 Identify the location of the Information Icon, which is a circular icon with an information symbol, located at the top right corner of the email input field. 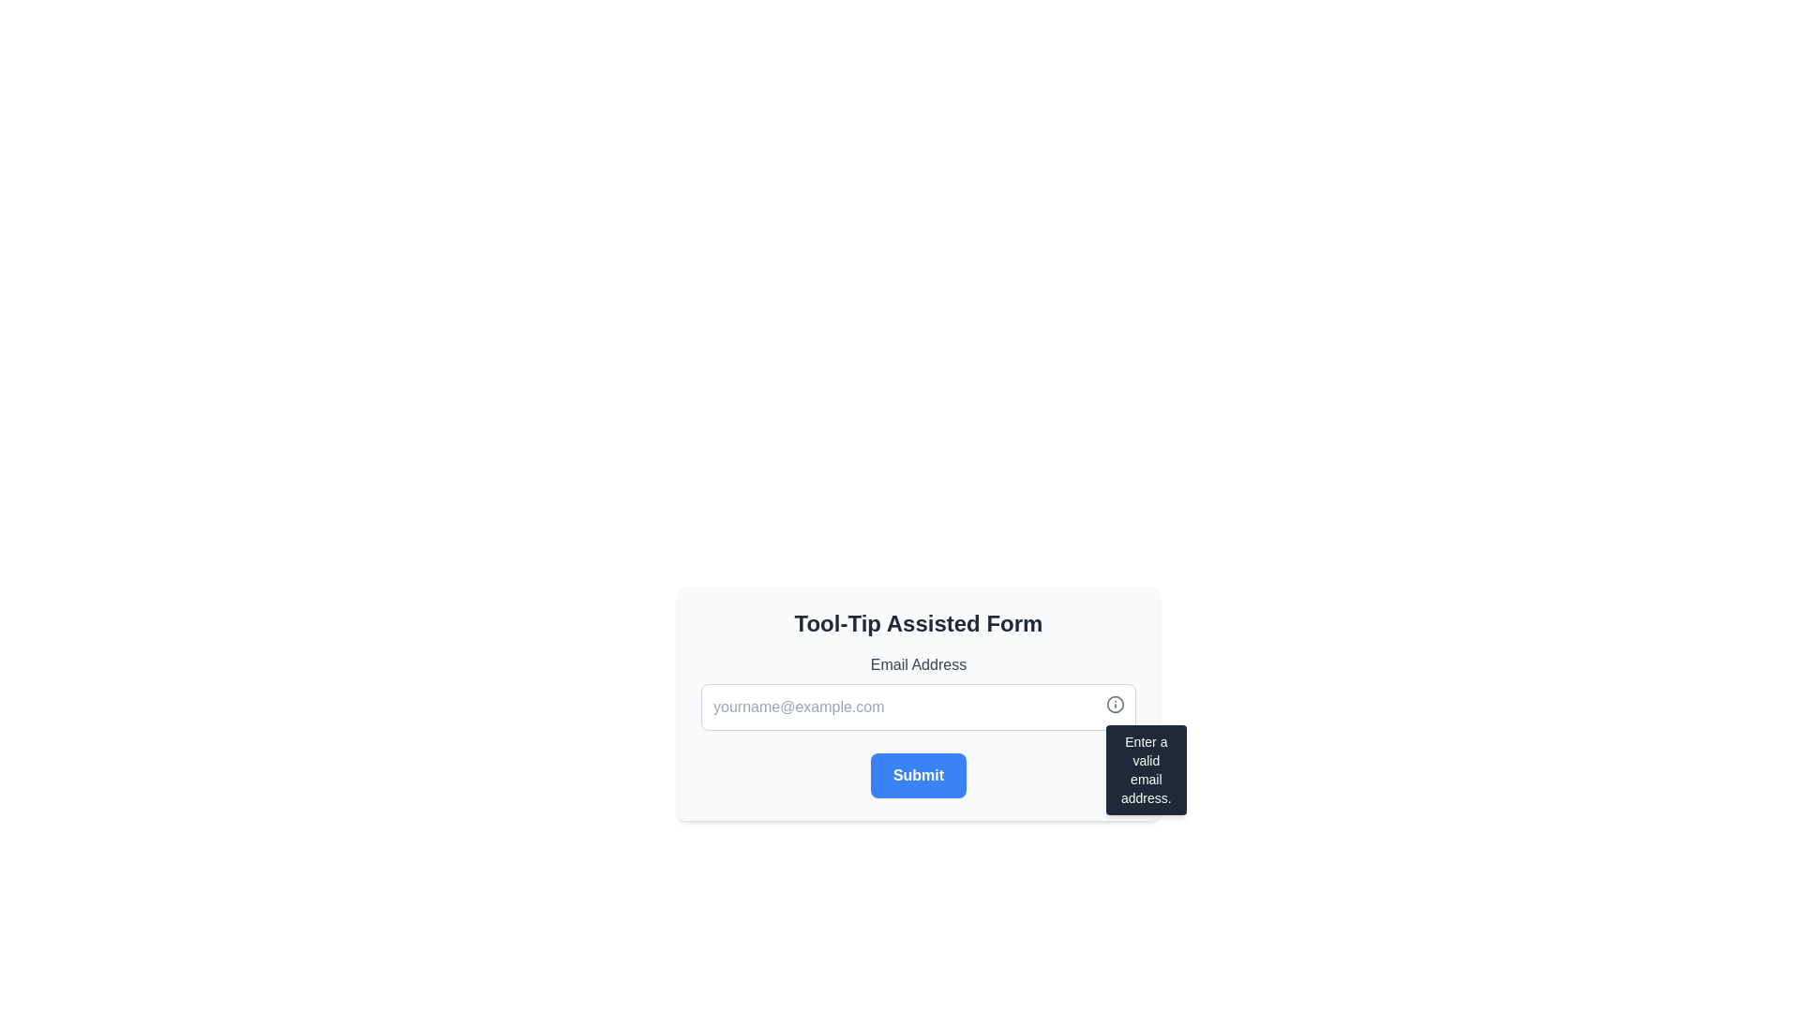
(1116, 705).